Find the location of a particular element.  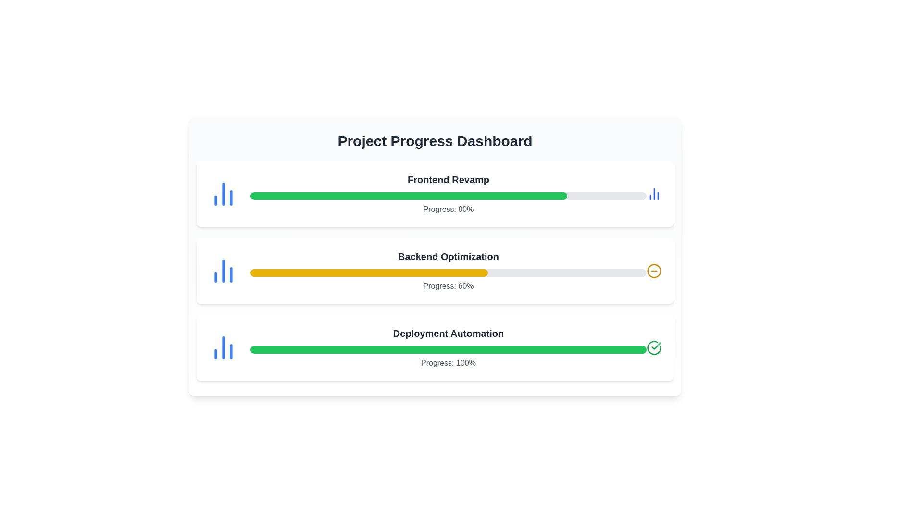

the Progress Bar indicating 80% completion for the 'Frontend Revamp' task is located at coordinates (448, 194).